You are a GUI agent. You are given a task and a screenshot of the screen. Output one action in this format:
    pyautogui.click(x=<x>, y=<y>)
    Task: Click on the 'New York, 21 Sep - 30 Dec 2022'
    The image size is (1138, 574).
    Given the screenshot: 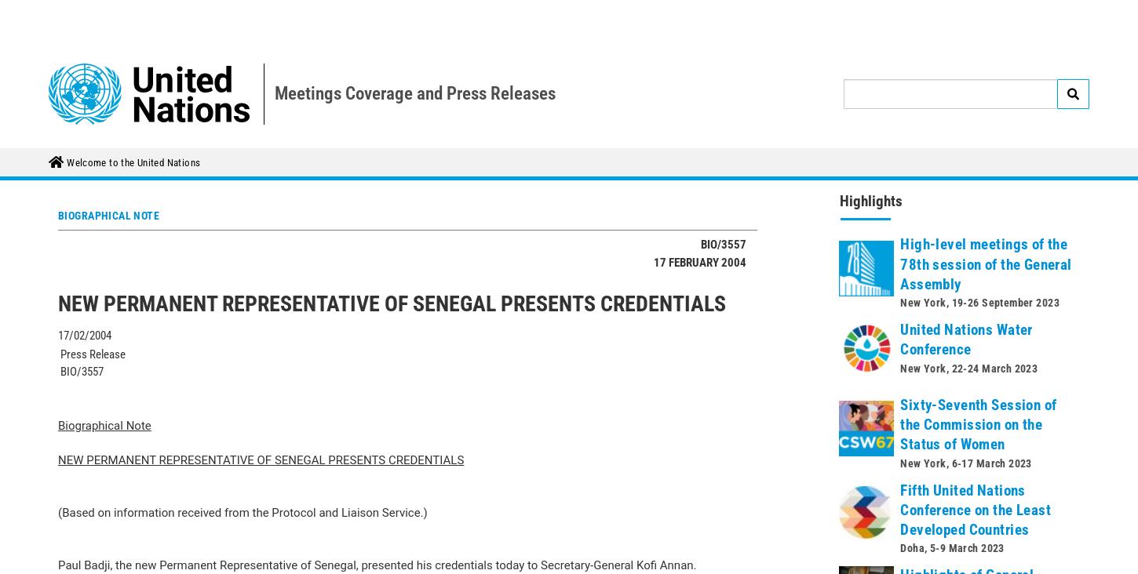 What is the action you would take?
    pyautogui.click(x=975, y=463)
    